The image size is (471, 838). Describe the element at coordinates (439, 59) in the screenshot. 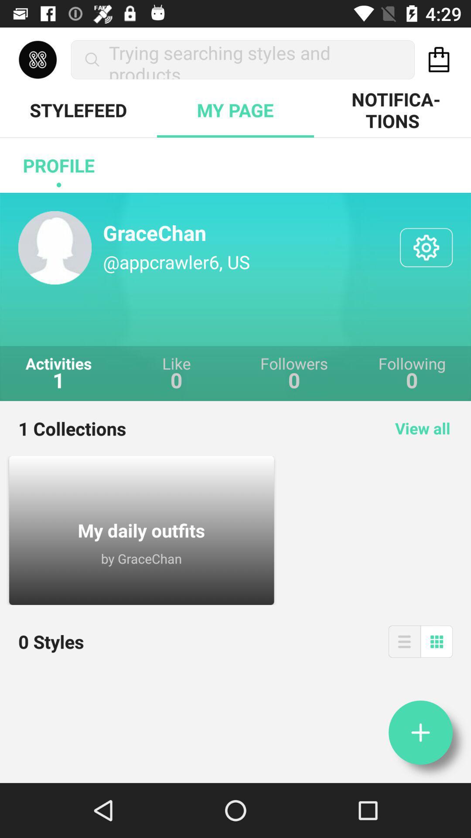

I see `icon to the right of the trying searching styles item` at that location.